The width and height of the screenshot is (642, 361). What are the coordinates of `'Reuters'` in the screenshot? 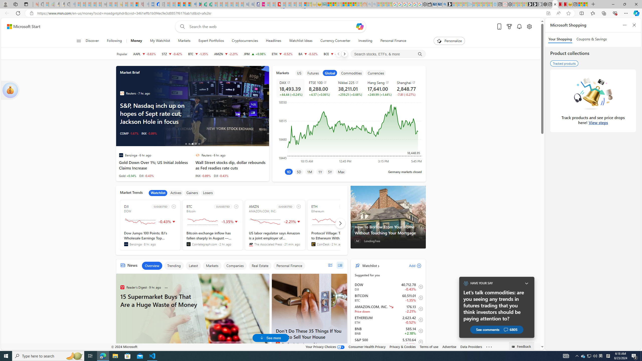 It's located at (197, 155).